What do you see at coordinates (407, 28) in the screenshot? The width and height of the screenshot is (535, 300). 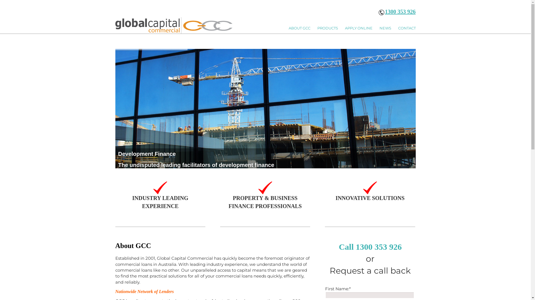 I see `'CONTACT'` at bounding box center [407, 28].